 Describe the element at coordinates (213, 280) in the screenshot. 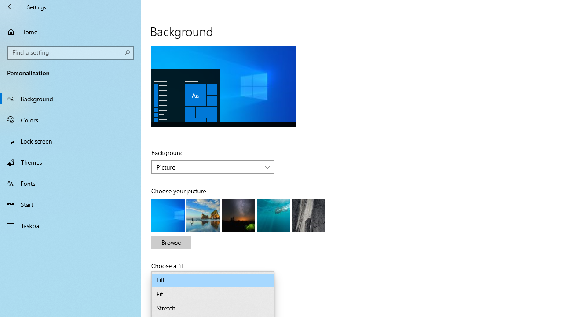

I see `'Choose a fit'` at that location.